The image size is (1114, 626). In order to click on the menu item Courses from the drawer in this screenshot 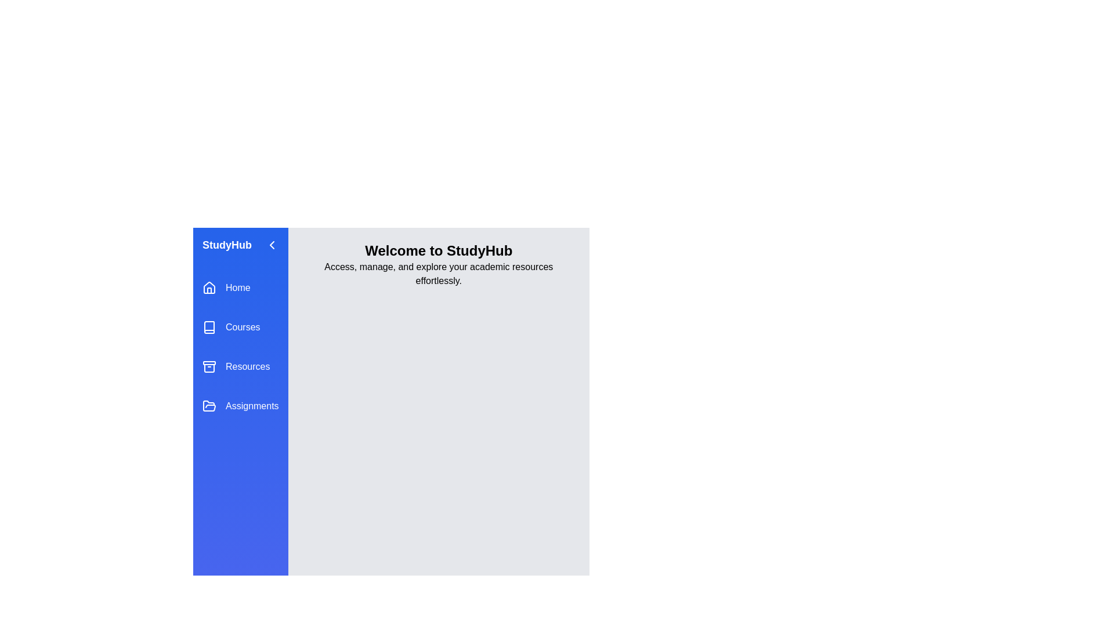, I will do `click(240, 327)`.